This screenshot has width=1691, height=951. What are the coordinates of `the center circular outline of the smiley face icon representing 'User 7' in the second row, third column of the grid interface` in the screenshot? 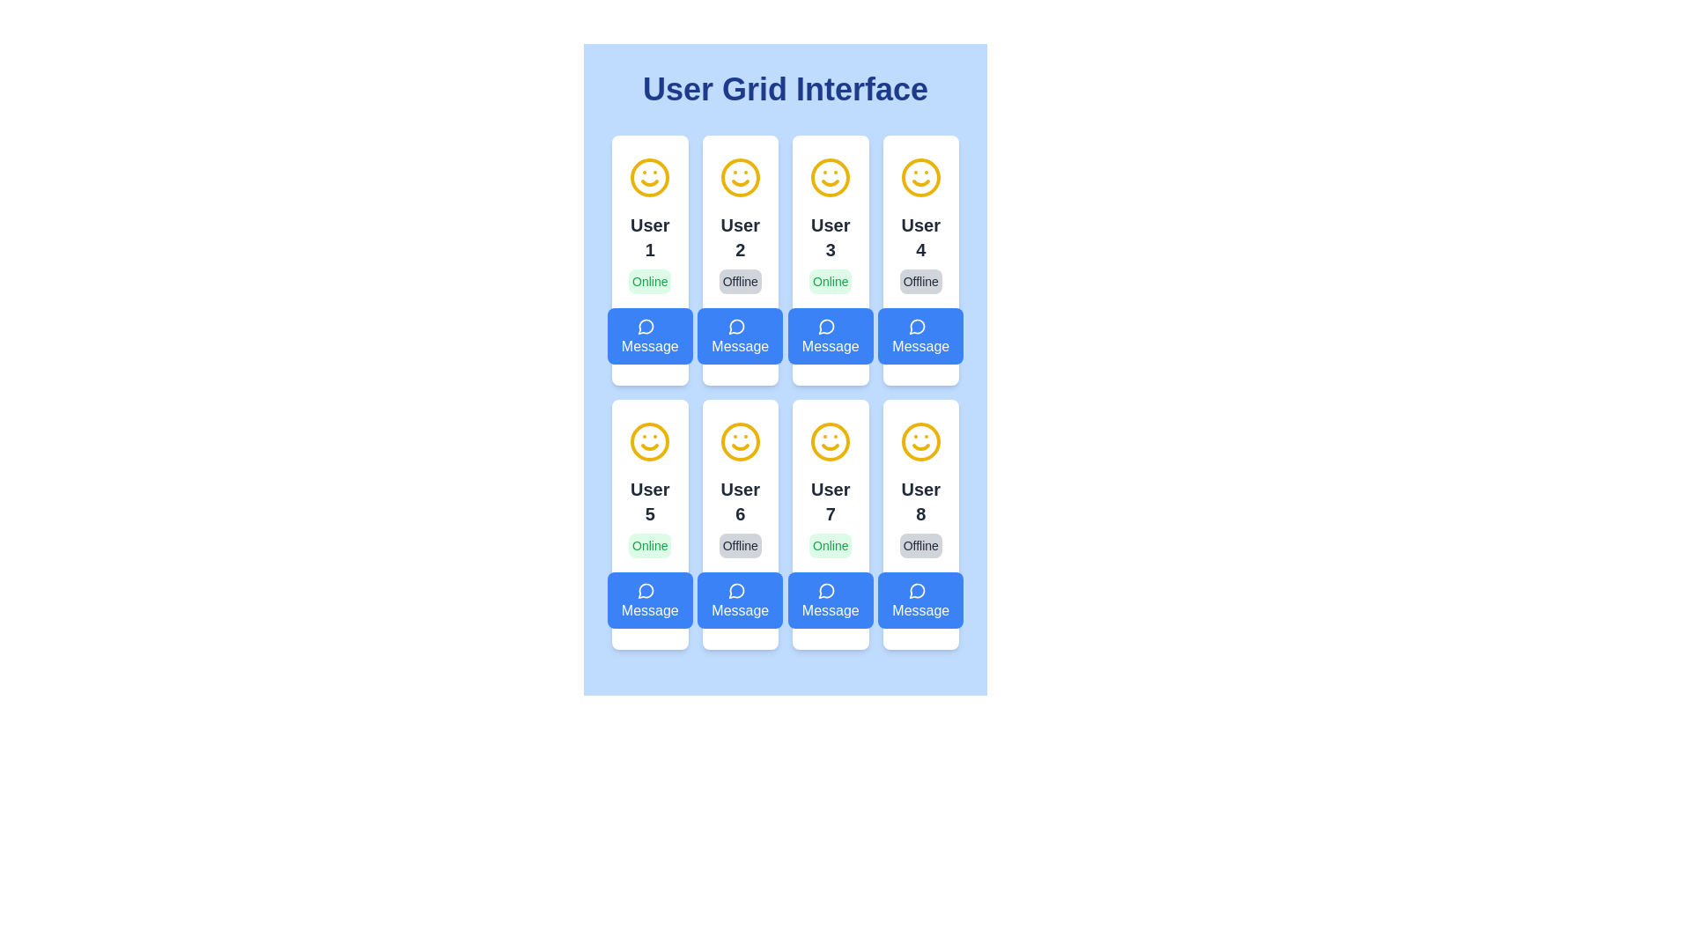 It's located at (830, 440).